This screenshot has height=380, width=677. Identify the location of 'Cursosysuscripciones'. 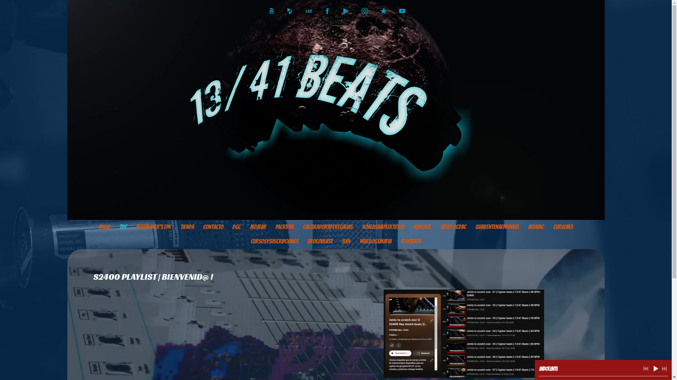
(274, 241).